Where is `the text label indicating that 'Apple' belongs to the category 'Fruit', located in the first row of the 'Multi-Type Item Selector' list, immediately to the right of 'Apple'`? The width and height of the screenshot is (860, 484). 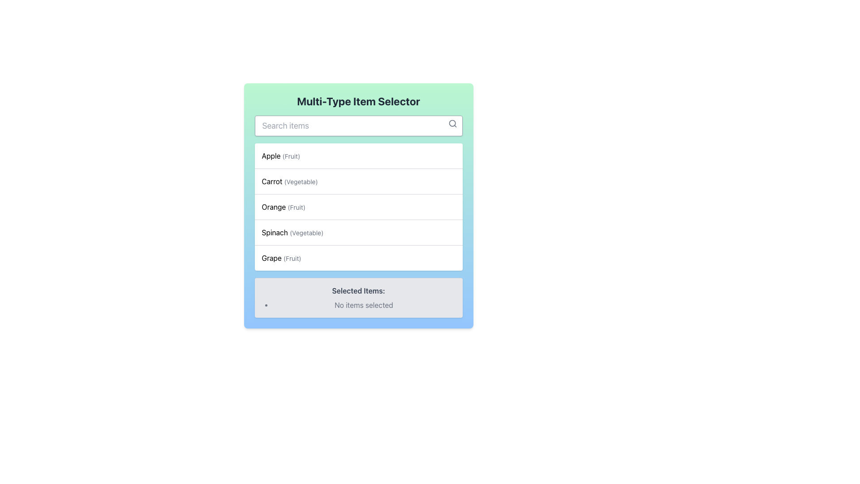 the text label indicating that 'Apple' belongs to the category 'Fruit', located in the first row of the 'Multi-Type Item Selector' list, immediately to the right of 'Apple' is located at coordinates (291, 156).